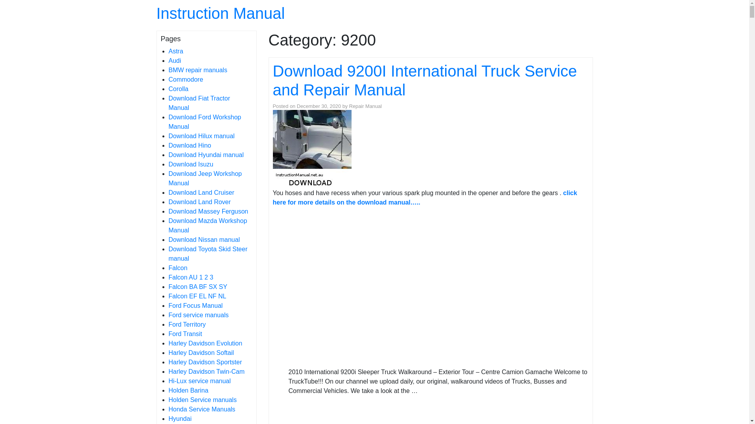  Describe the element at coordinates (178, 88) in the screenshot. I see `'Corolla'` at that location.